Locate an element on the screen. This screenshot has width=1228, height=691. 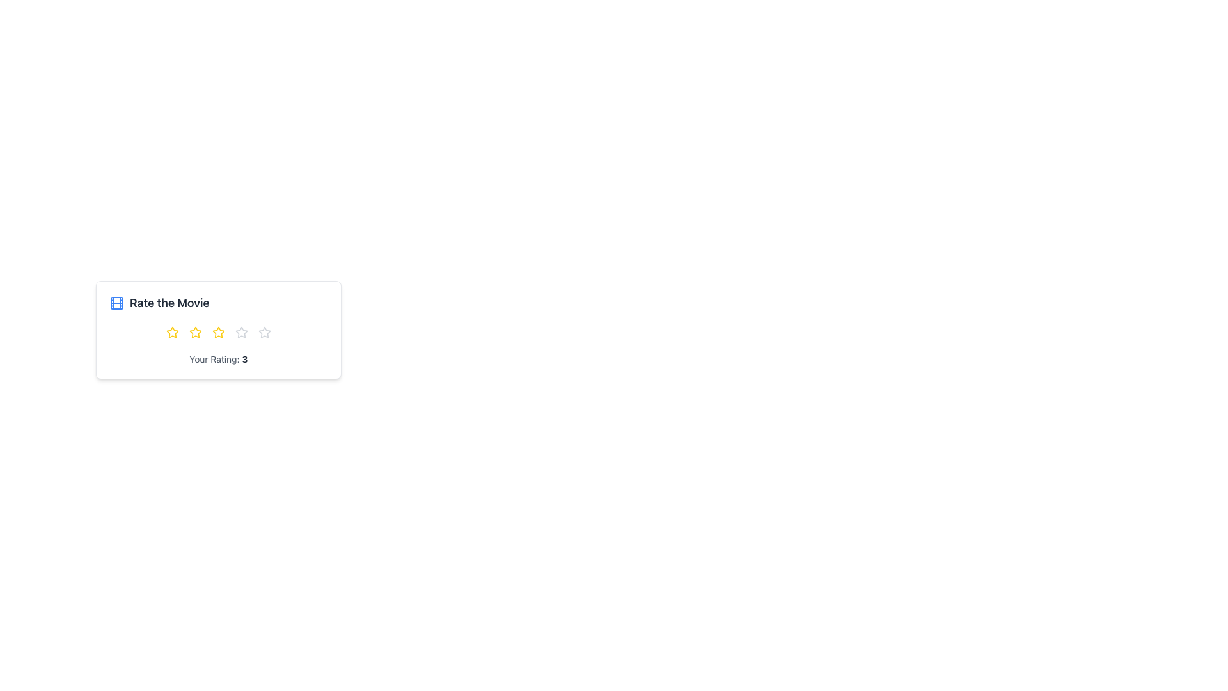
the third star icon in the 'Rate the Movie' section is located at coordinates (195, 332).